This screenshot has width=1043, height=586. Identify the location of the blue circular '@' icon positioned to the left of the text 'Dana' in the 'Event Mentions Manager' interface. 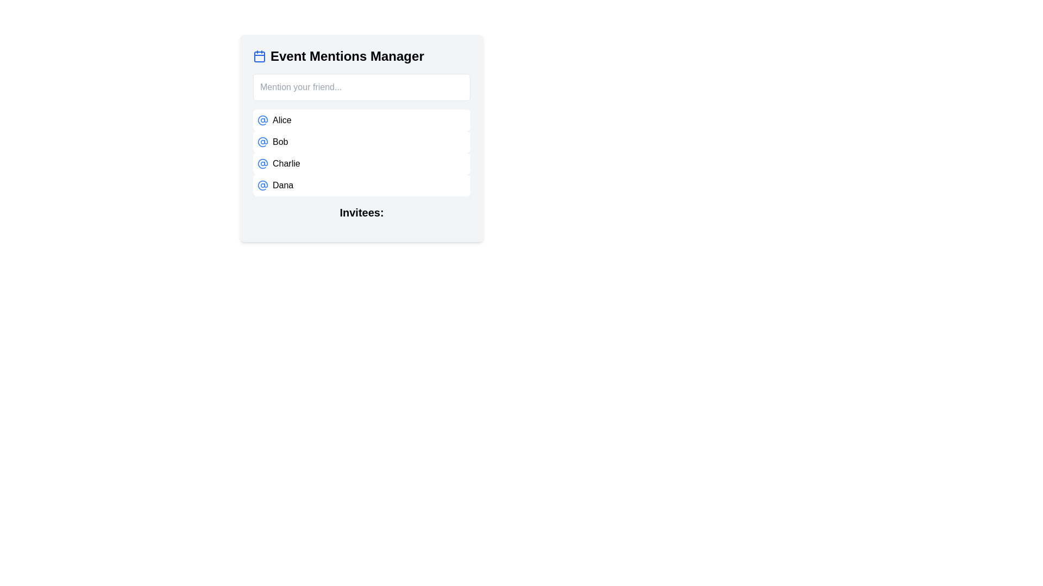
(263, 185).